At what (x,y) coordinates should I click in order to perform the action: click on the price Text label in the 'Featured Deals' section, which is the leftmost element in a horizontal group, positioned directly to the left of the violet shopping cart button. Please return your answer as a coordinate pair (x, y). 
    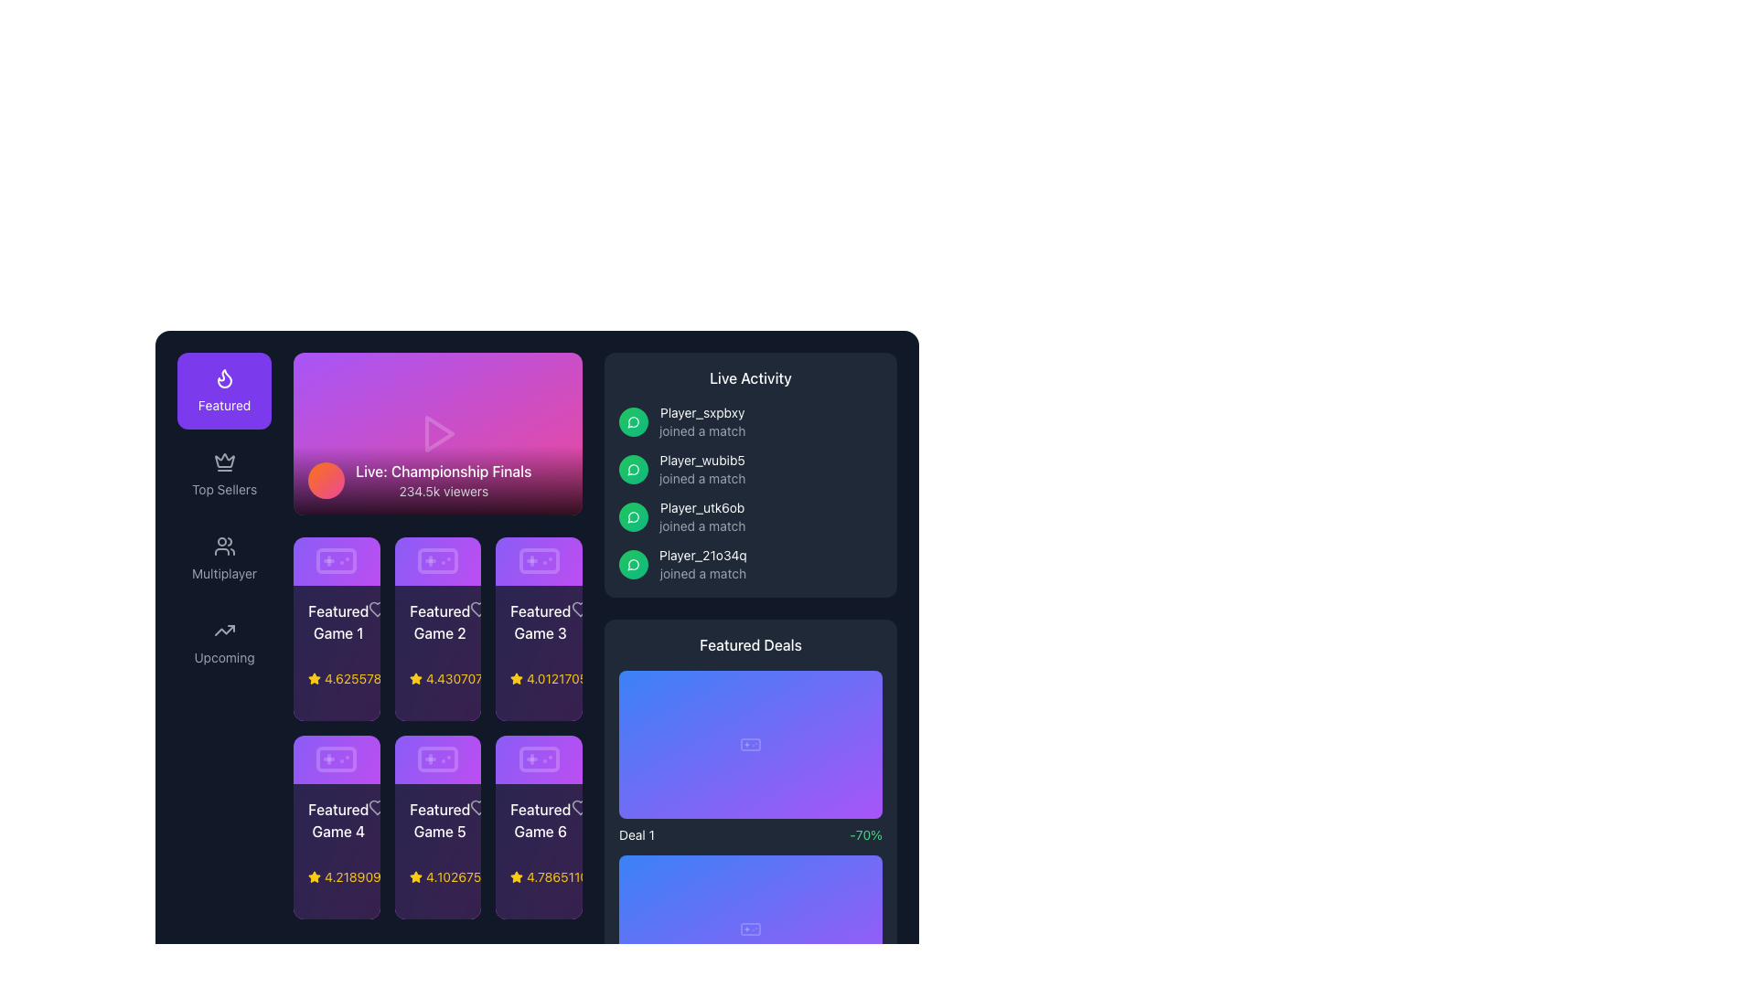
    Looking at the image, I should click on (619, 678).